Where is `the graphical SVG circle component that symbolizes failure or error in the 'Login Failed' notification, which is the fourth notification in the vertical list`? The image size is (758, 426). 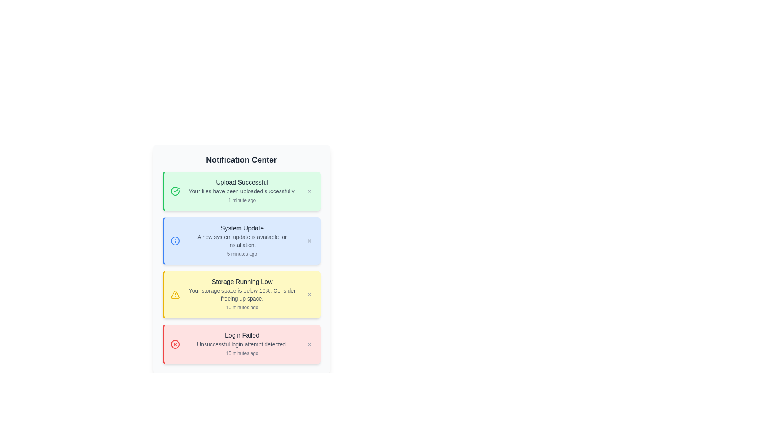 the graphical SVG circle component that symbolizes failure or error in the 'Login Failed' notification, which is the fourth notification in the vertical list is located at coordinates (174, 344).